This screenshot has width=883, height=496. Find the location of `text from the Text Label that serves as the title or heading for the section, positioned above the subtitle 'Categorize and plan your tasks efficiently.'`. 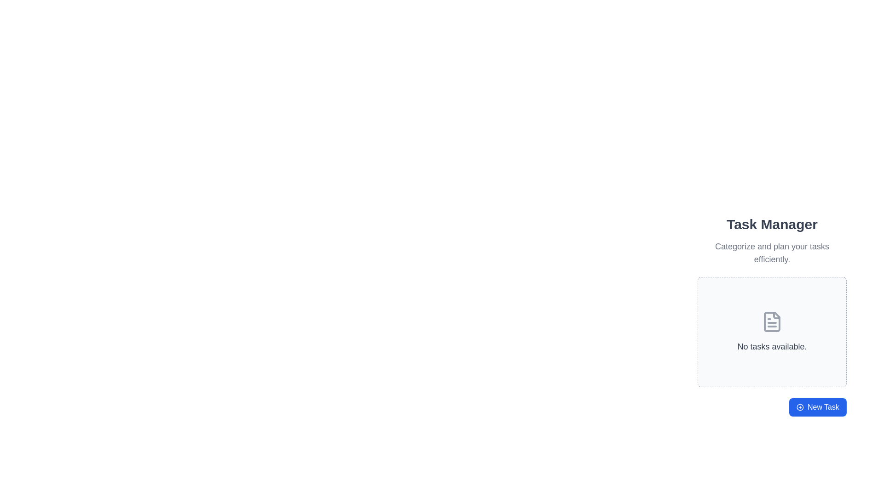

text from the Text Label that serves as the title or heading for the section, positioned above the subtitle 'Categorize and plan your tasks efficiently.' is located at coordinates (772, 225).